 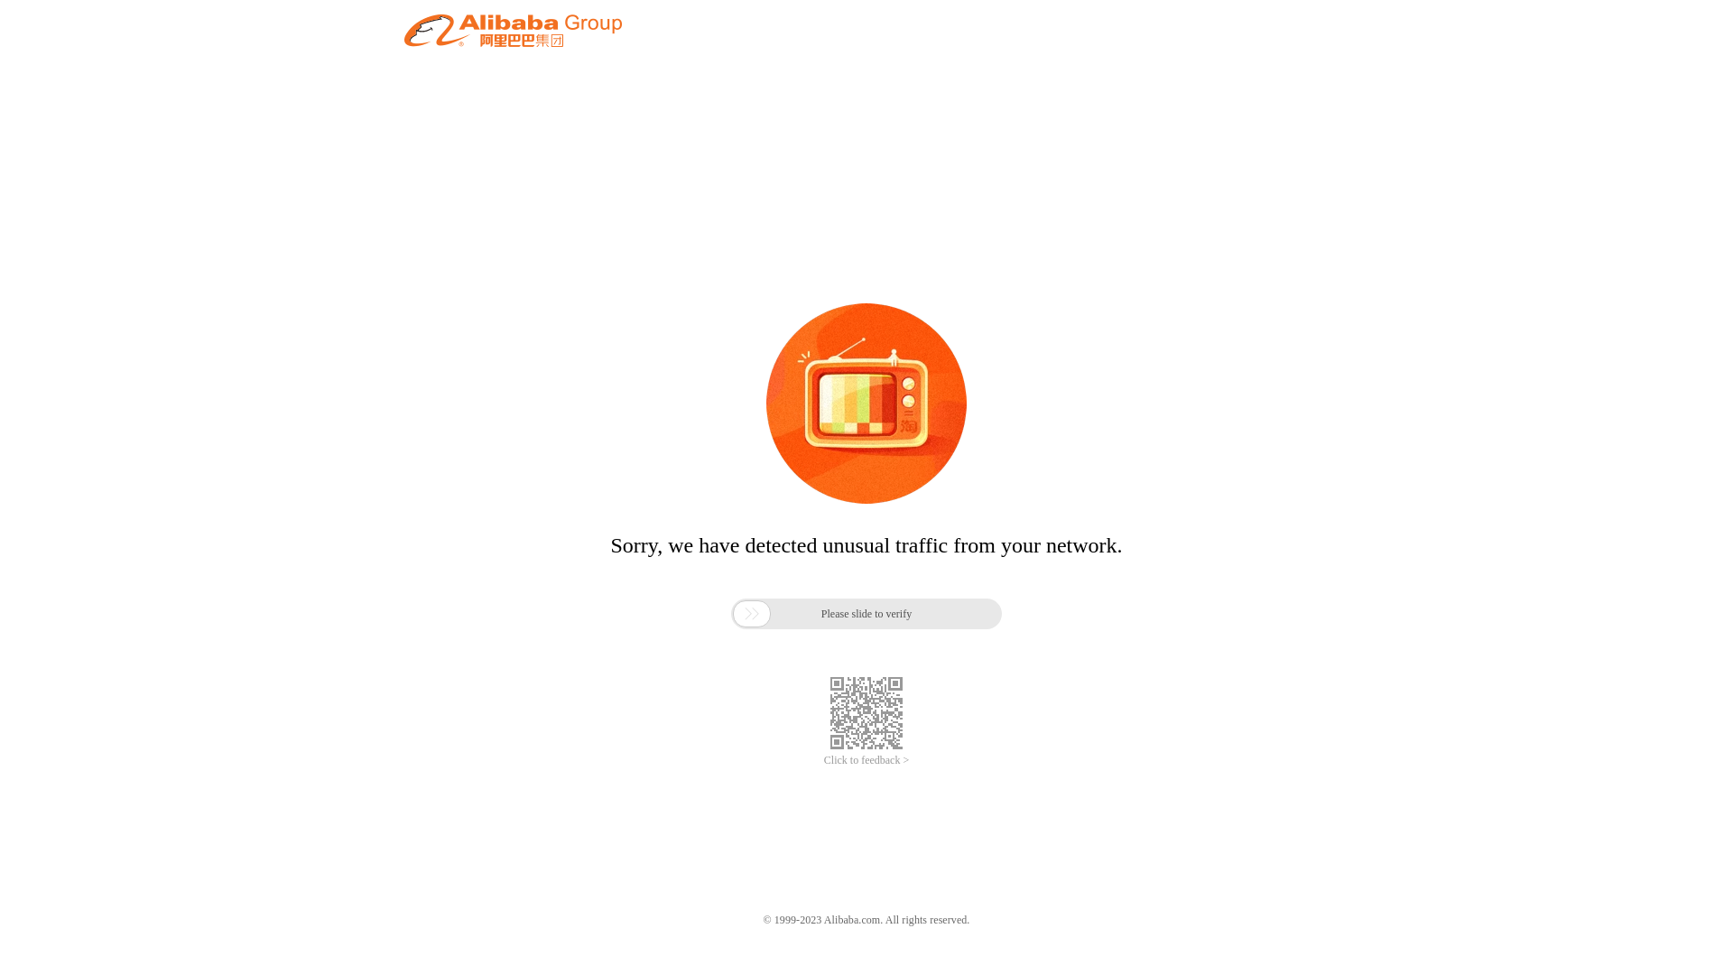 What do you see at coordinates (866, 760) in the screenshot?
I see `'Click to feedback >'` at bounding box center [866, 760].